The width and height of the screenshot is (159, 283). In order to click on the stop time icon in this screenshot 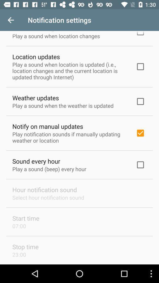, I will do `click(25, 247)`.